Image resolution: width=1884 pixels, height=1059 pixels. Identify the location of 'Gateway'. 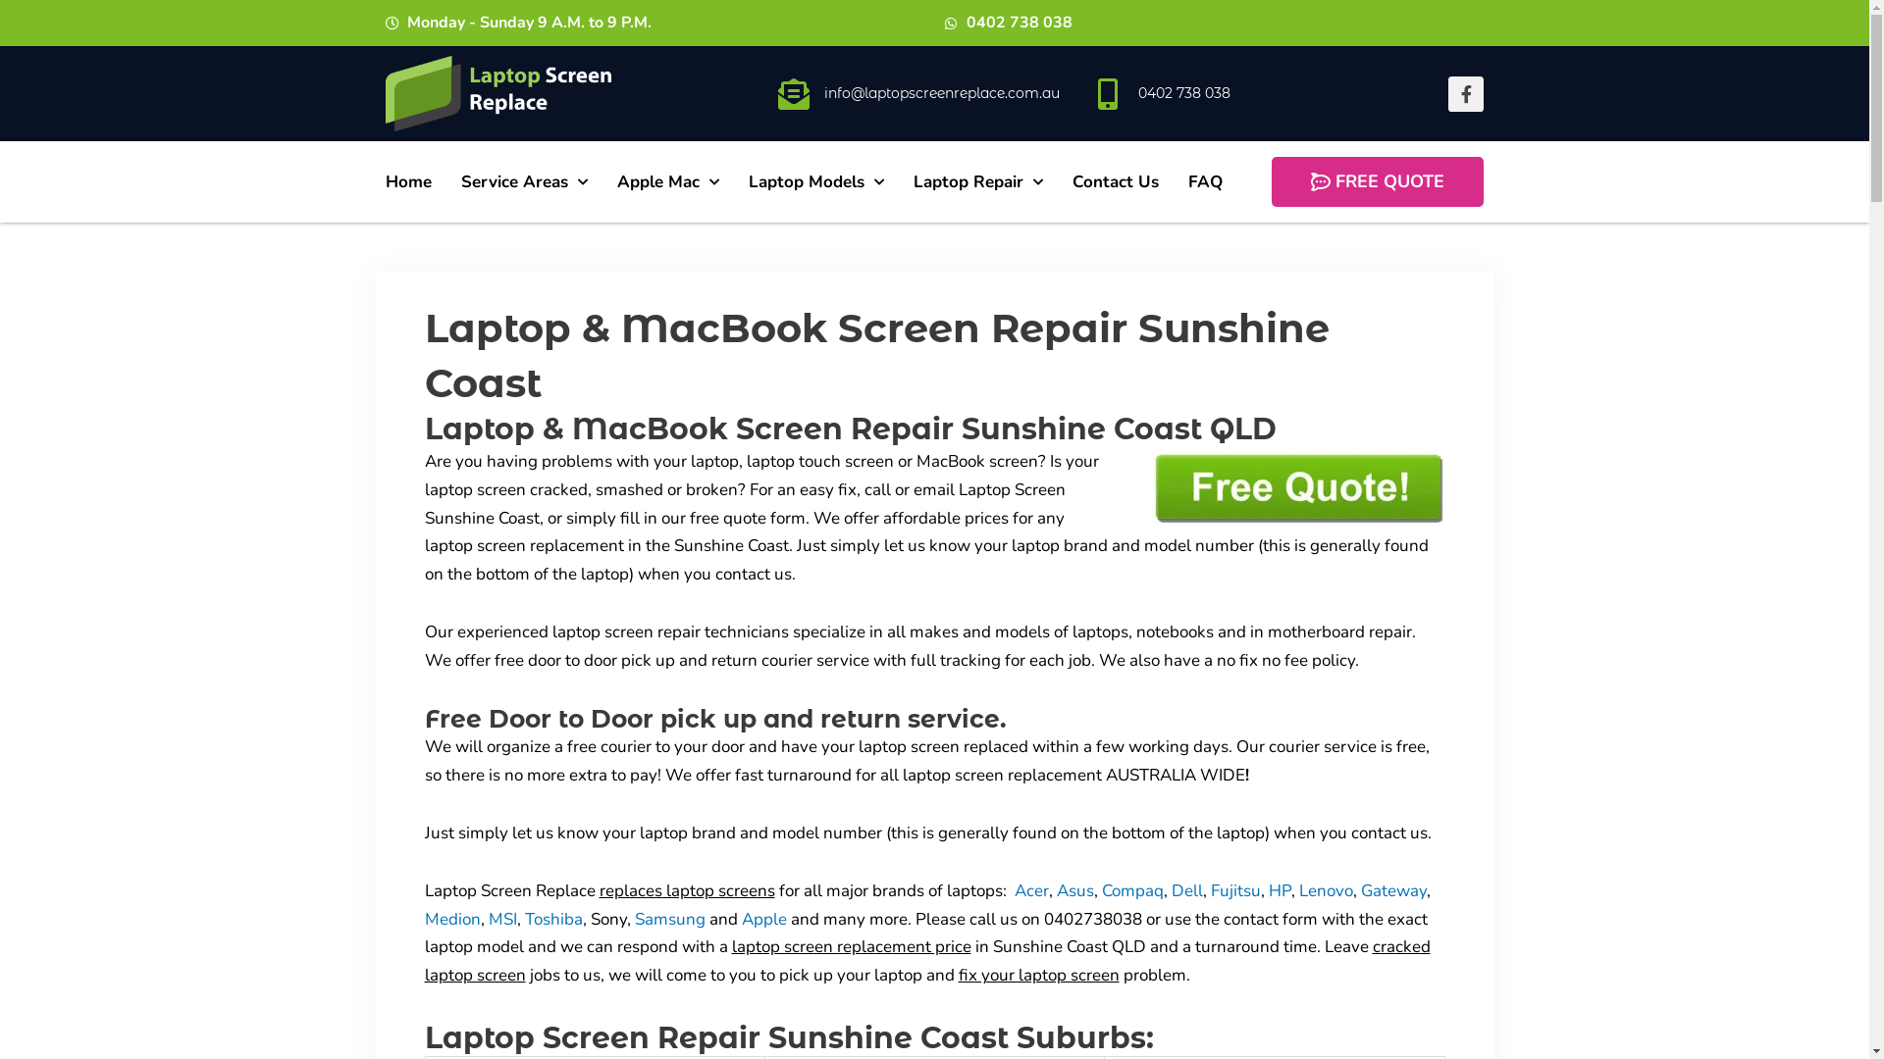
(1391, 890).